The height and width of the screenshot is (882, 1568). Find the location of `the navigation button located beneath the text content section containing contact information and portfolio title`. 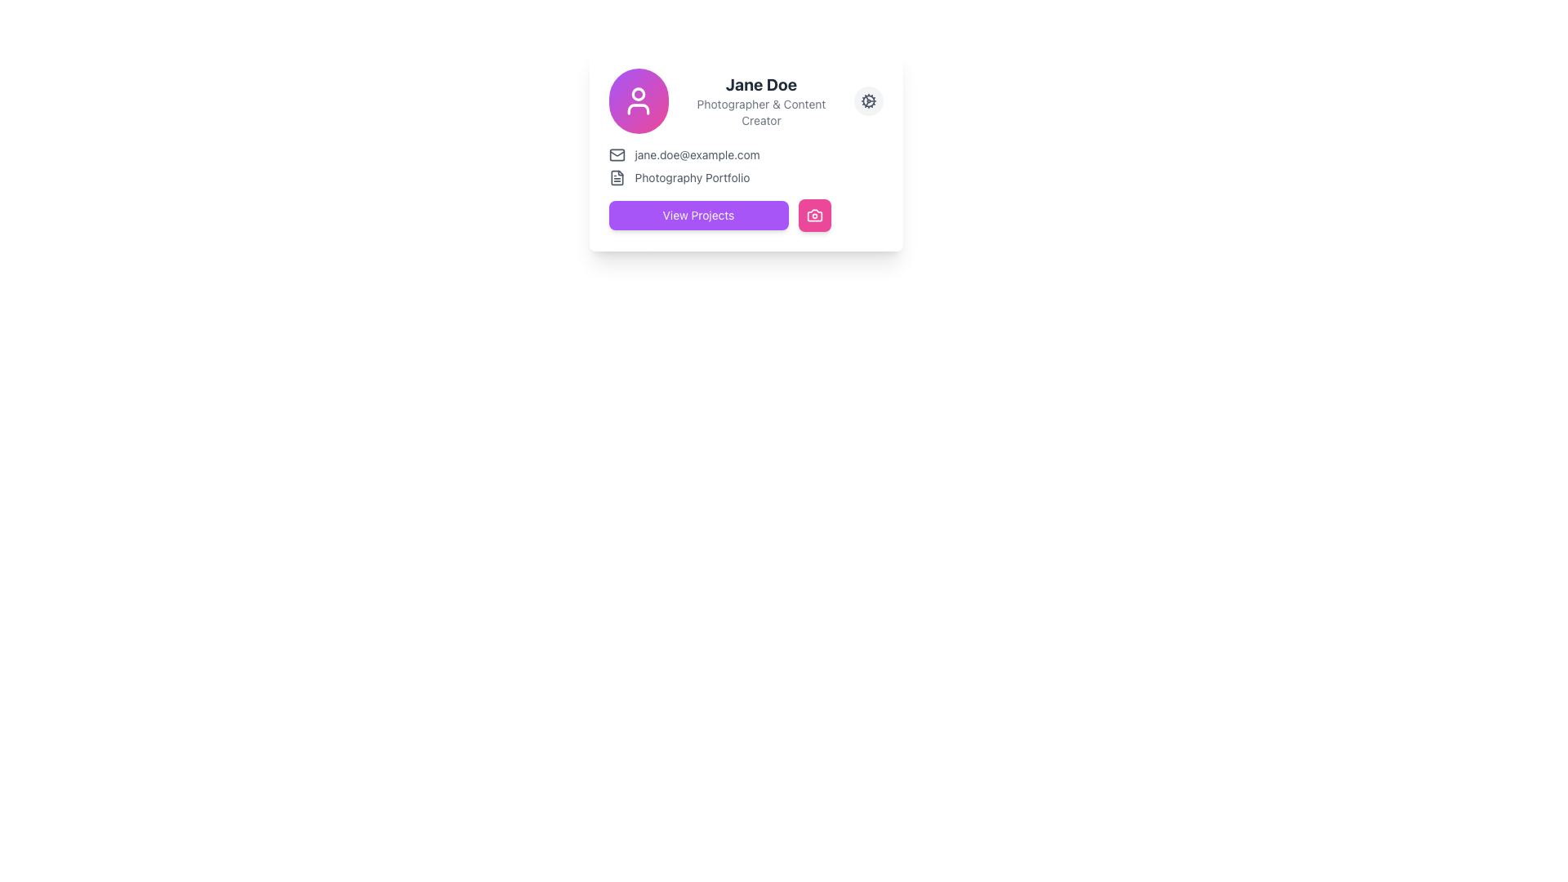

the navigation button located beneath the text content section containing contact information and portfolio title is located at coordinates (745, 214).